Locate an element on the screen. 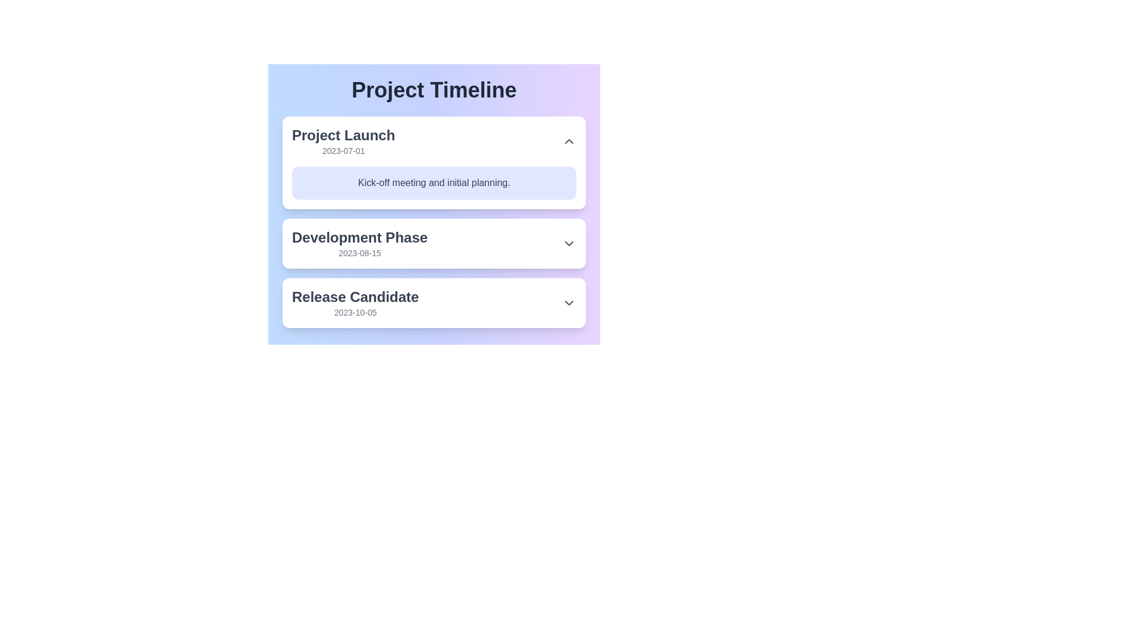  title and date label for the 'Project Launch' phase located in the first section of the 'Project Timeline' list, situated above 'Development Phase' and 'Release Candidate.' is located at coordinates (343, 141).